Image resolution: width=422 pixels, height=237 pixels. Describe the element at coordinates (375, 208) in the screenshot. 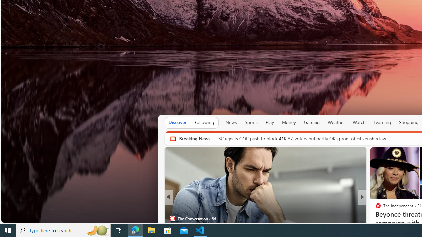

I see `'CNBC'` at that location.